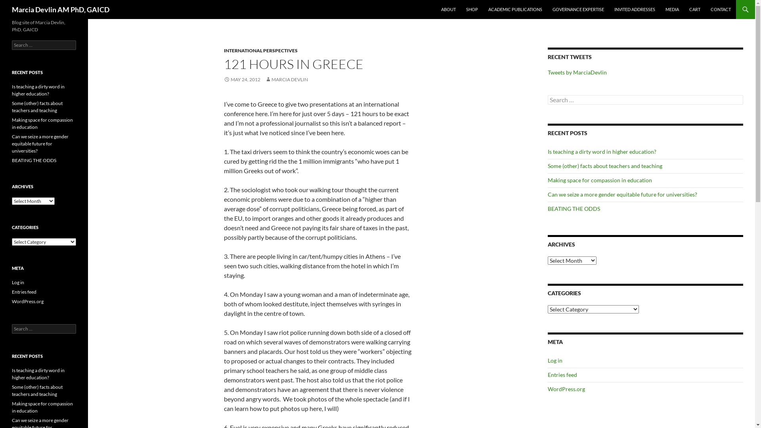  I want to click on 'ACADEMIC PUBLICATIONS', so click(515, 9).